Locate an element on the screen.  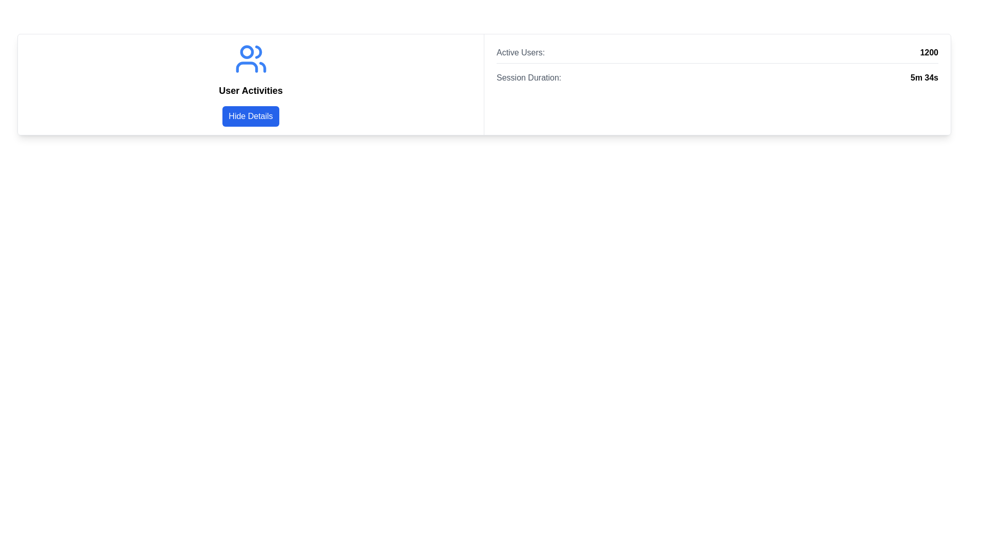
the rounded rectangular graphic element inside the blue user icon located above the 'User Activities' label is located at coordinates (247, 67).